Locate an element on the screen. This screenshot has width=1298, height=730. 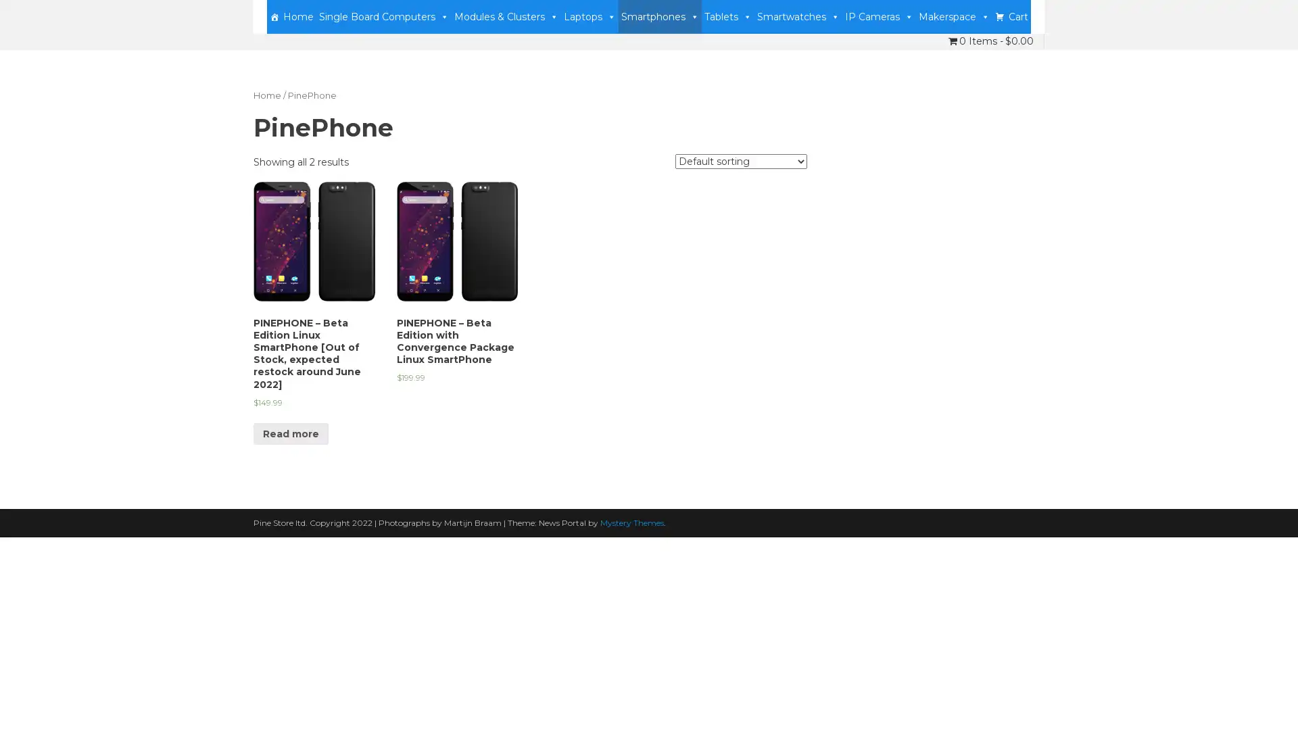
Accept is located at coordinates (856, 709).